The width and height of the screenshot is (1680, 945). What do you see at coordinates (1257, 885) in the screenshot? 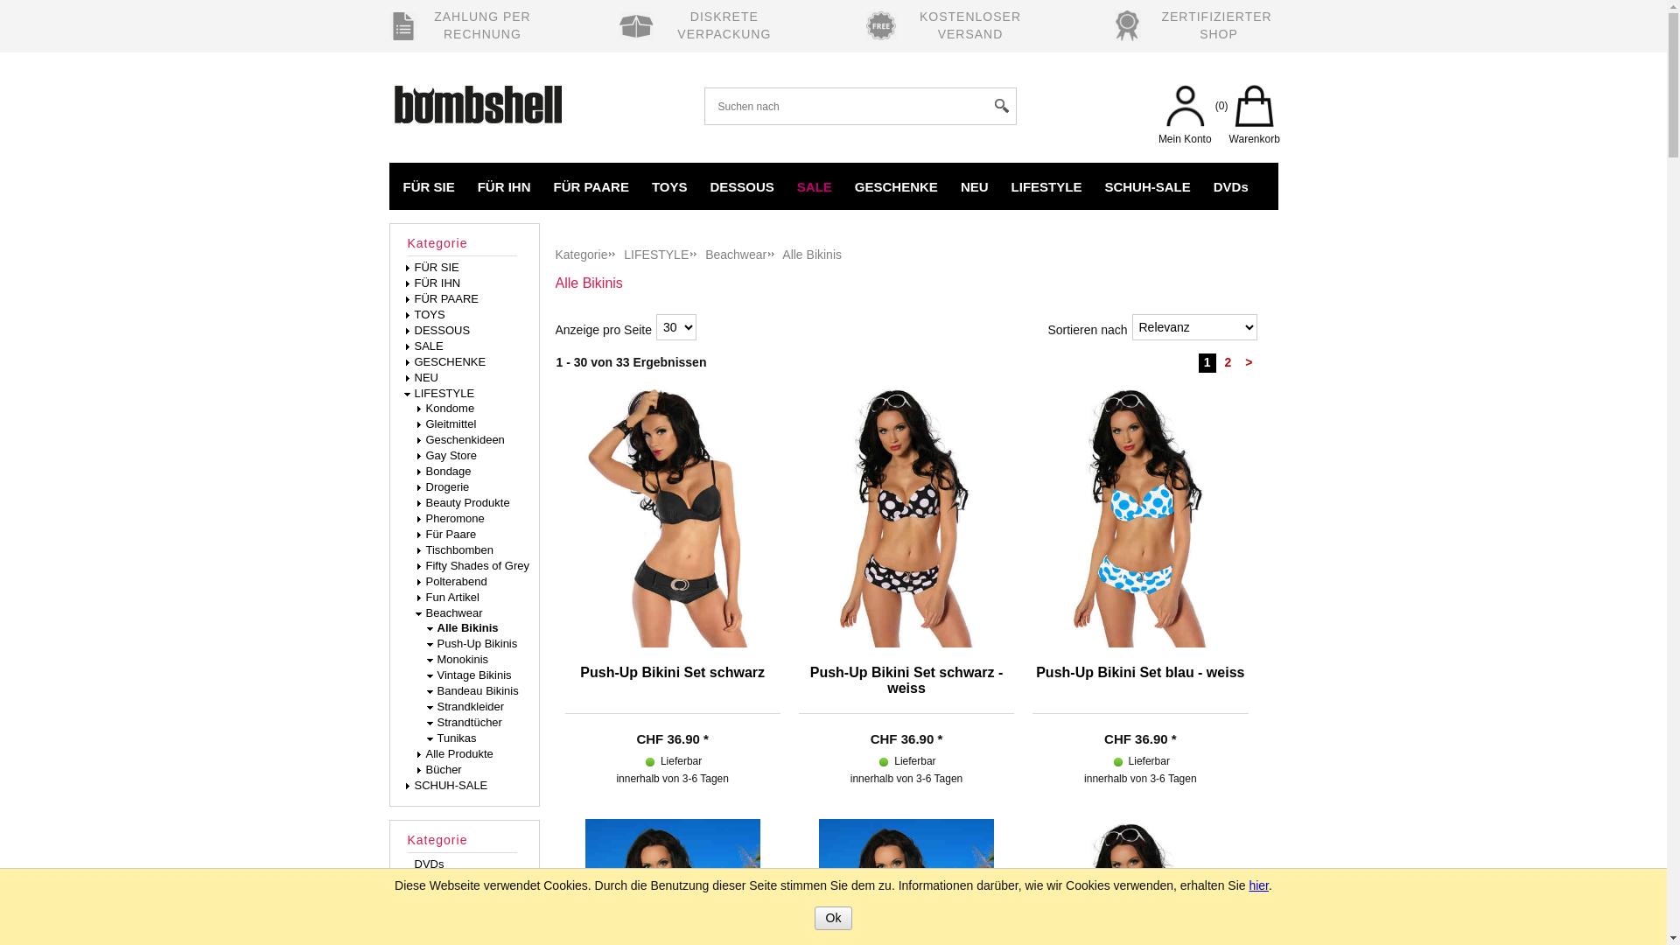
I see `'hier'` at bounding box center [1257, 885].